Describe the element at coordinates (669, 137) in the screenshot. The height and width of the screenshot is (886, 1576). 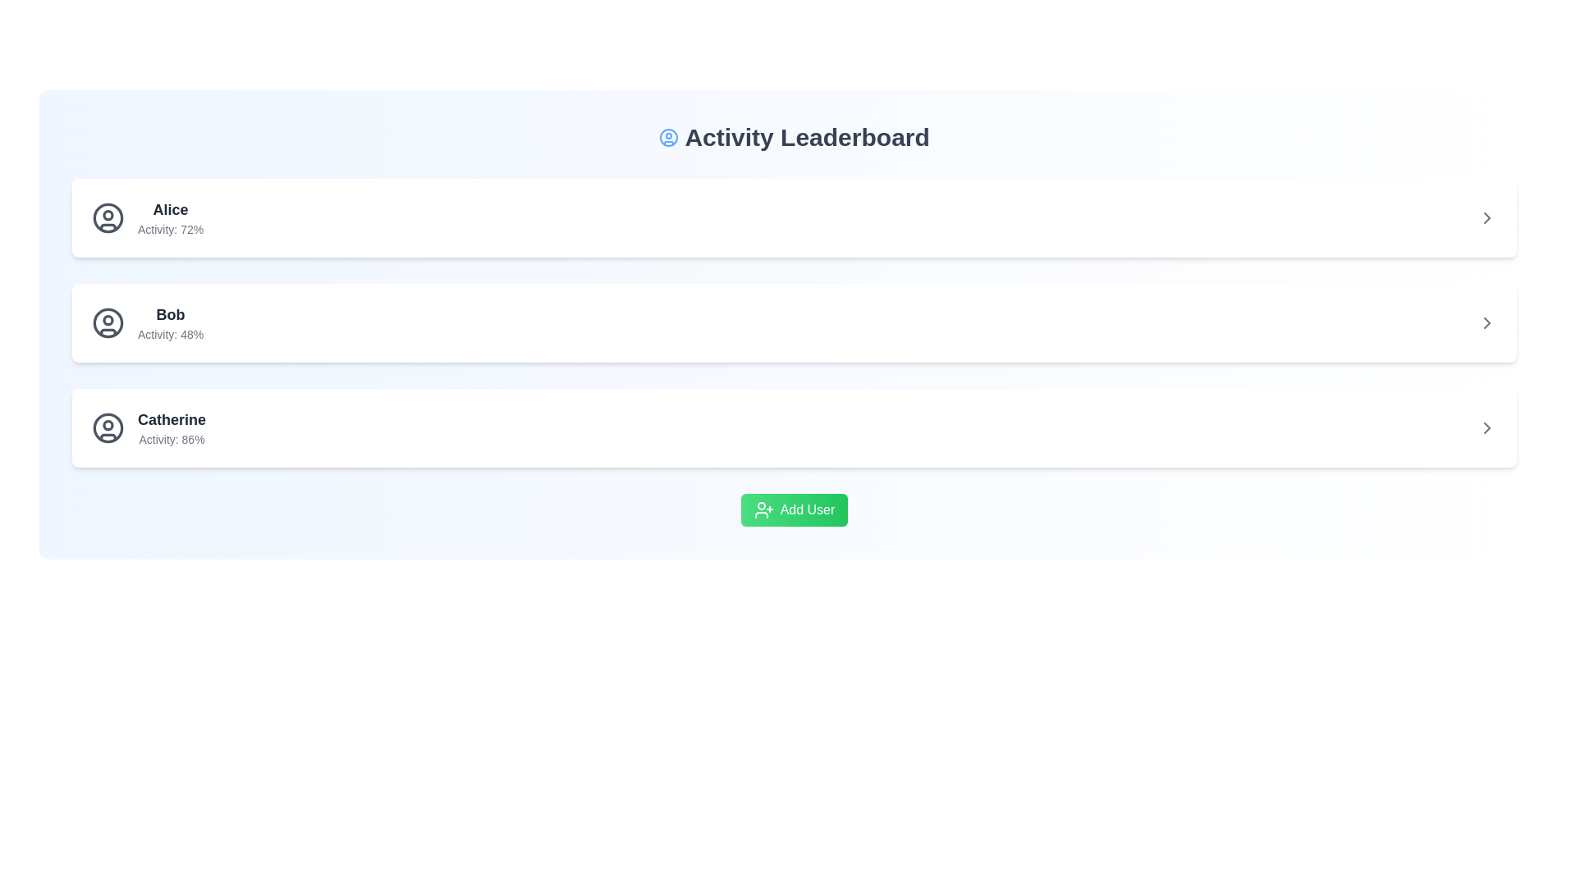
I see `the circular graphical icon resembling a user, which has a blue outline and is located near the 'Activity Leaderboard' heading` at that location.